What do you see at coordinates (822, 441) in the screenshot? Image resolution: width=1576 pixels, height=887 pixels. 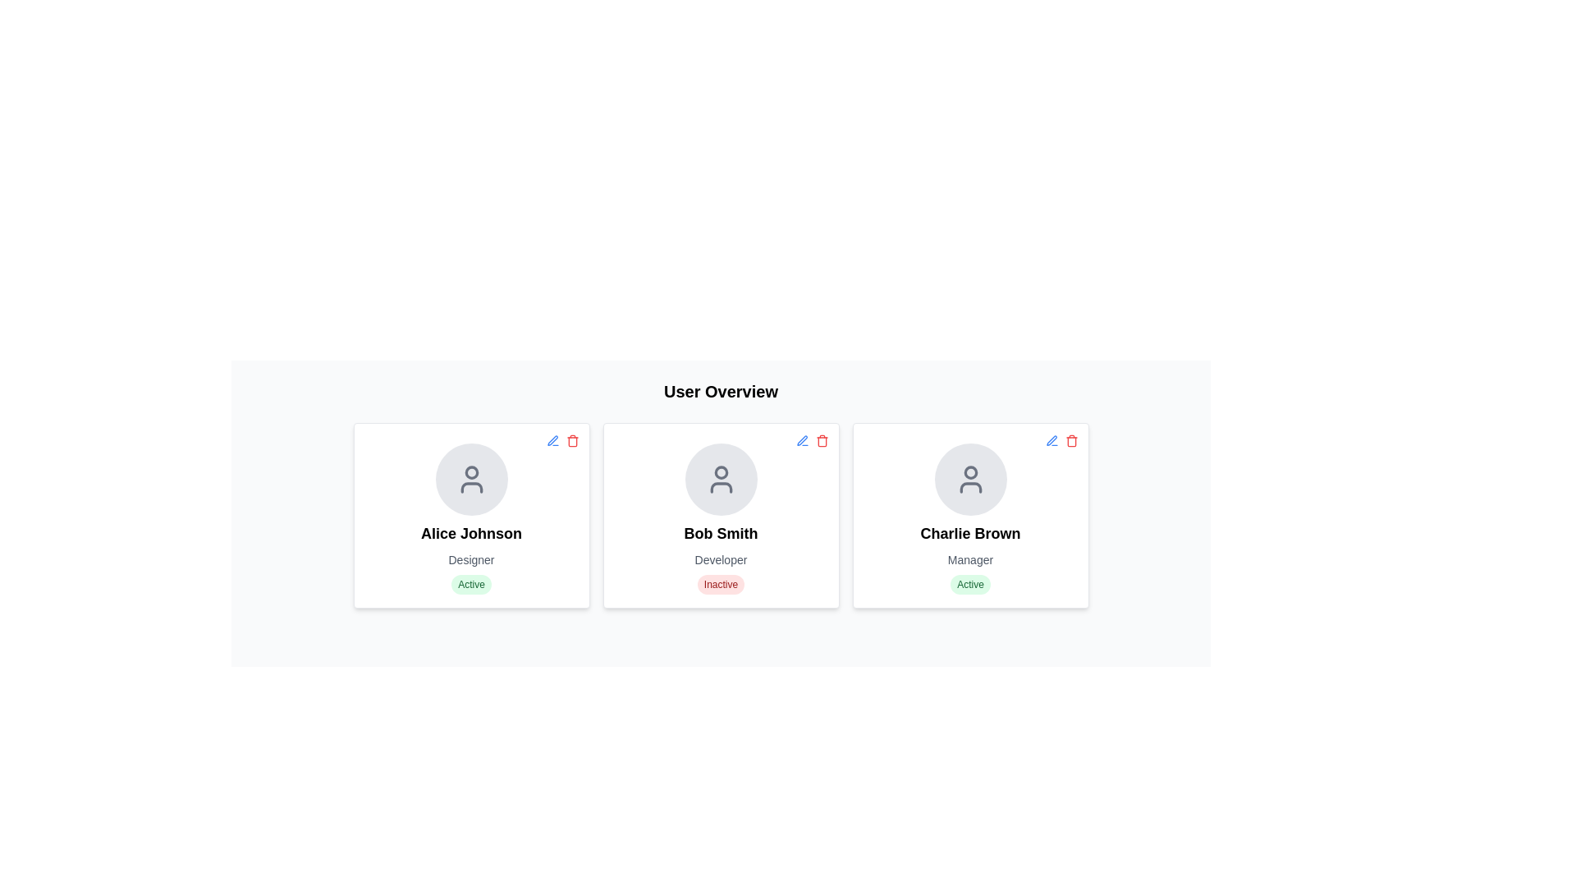 I see `the trash icon located at the top-right corner of the user card labeled 'Bob Smith'` at bounding box center [822, 441].